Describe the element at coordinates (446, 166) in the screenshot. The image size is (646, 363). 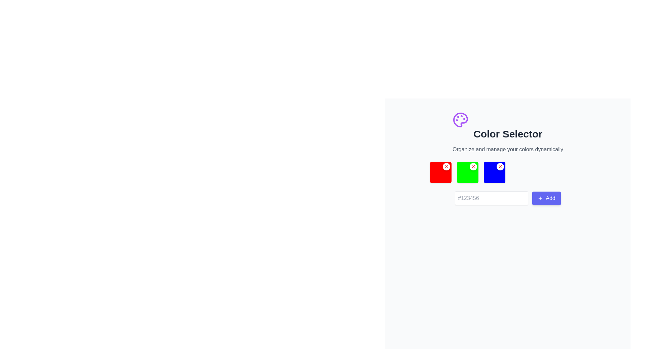
I see `the close or delete icon located in the top-right corner of the green color box` at that location.